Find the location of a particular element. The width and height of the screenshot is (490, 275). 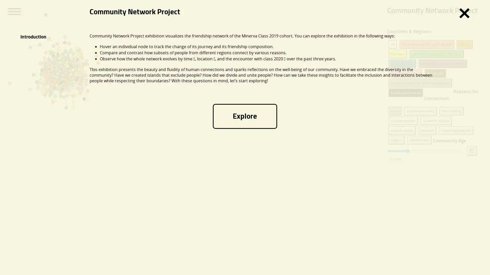

North America (U.S. and Canada) is located at coordinates (426, 44).